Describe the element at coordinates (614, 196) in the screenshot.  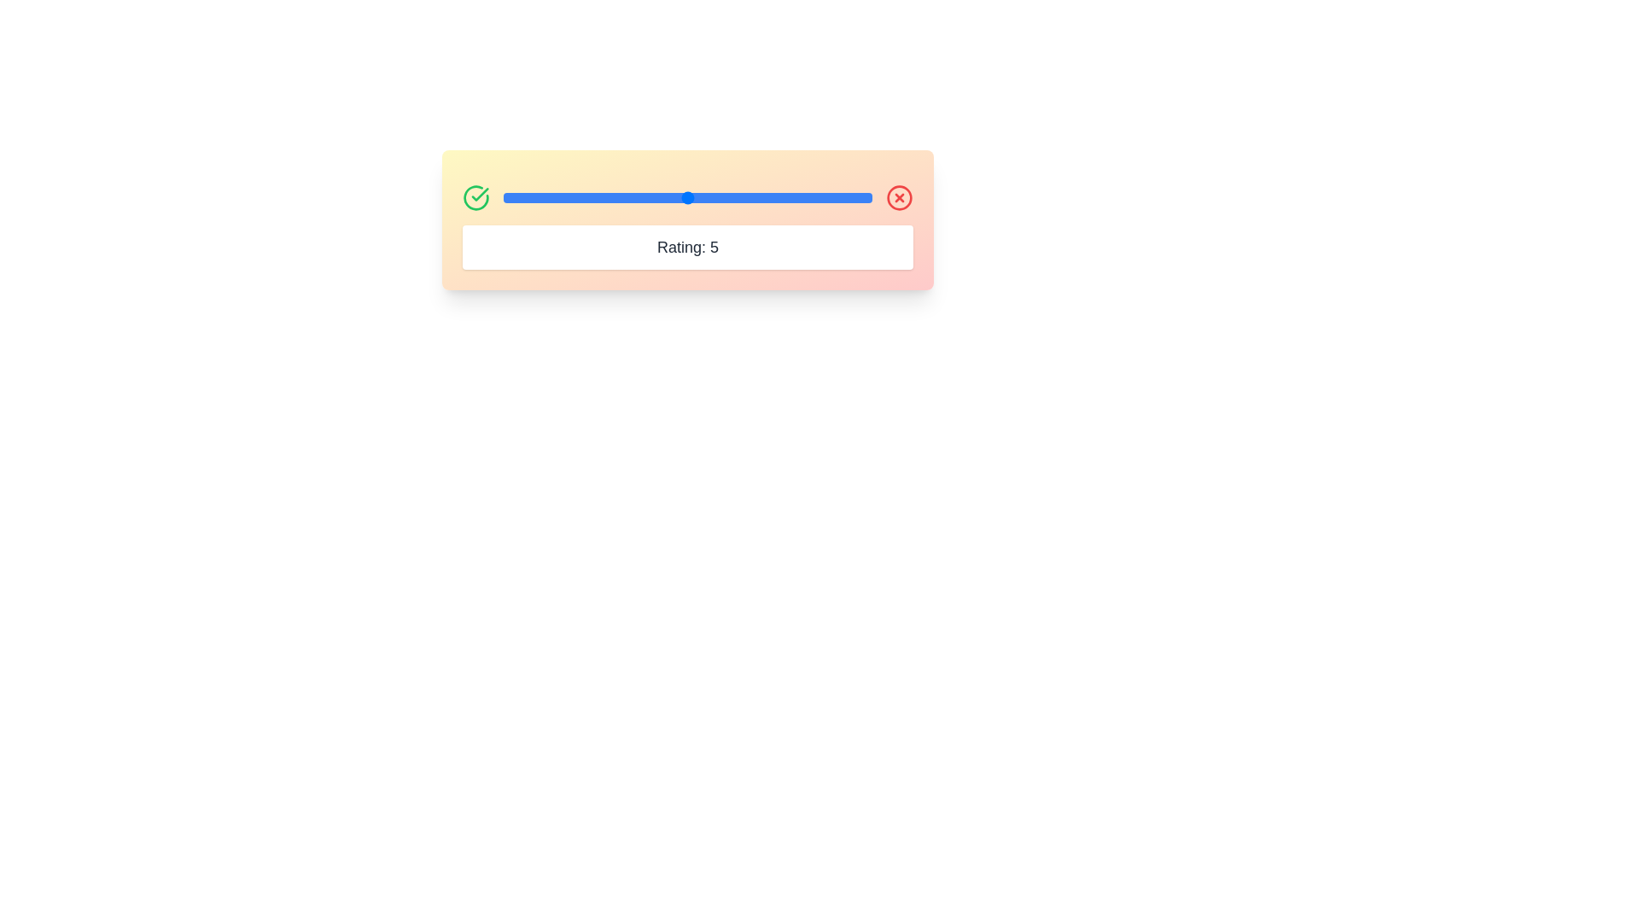
I see `the slider value` at that location.